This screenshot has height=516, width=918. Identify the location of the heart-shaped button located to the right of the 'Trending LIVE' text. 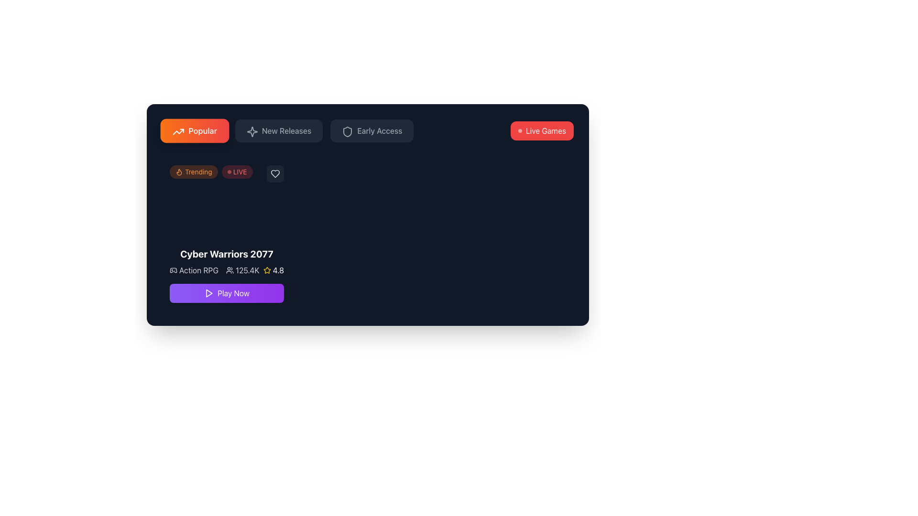
(275, 173).